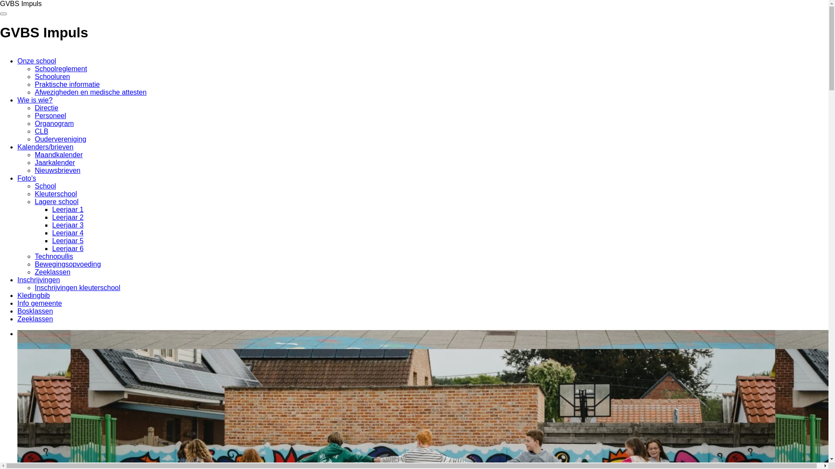 The image size is (835, 469). What do you see at coordinates (35, 170) in the screenshot?
I see `'Nieuwsbrieven'` at bounding box center [35, 170].